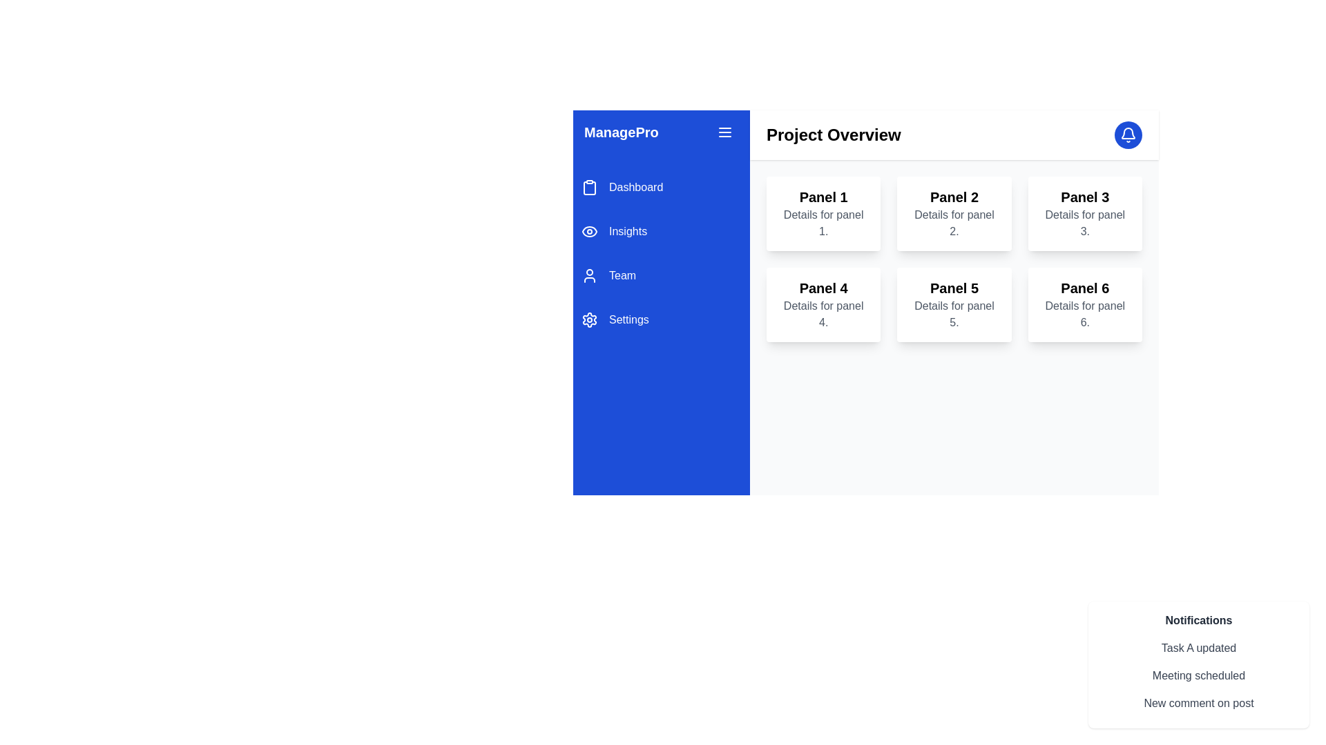 This screenshot has width=1326, height=745. Describe the element at coordinates (833, 135) in the screenshot. I see `header text 'Project Overview' located at the top left of the interface, styled in a large, bold font` at that location.